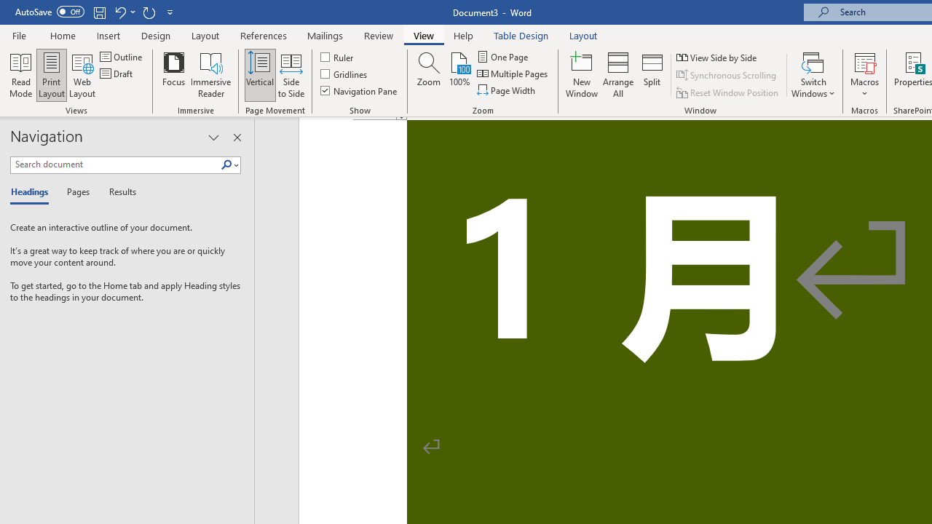 The image size is (932, 524). What do you see at coordinates (95, 12) in the screenshot?
I see `'Quick Access Toolbar'` at bounding box center [95, 12].